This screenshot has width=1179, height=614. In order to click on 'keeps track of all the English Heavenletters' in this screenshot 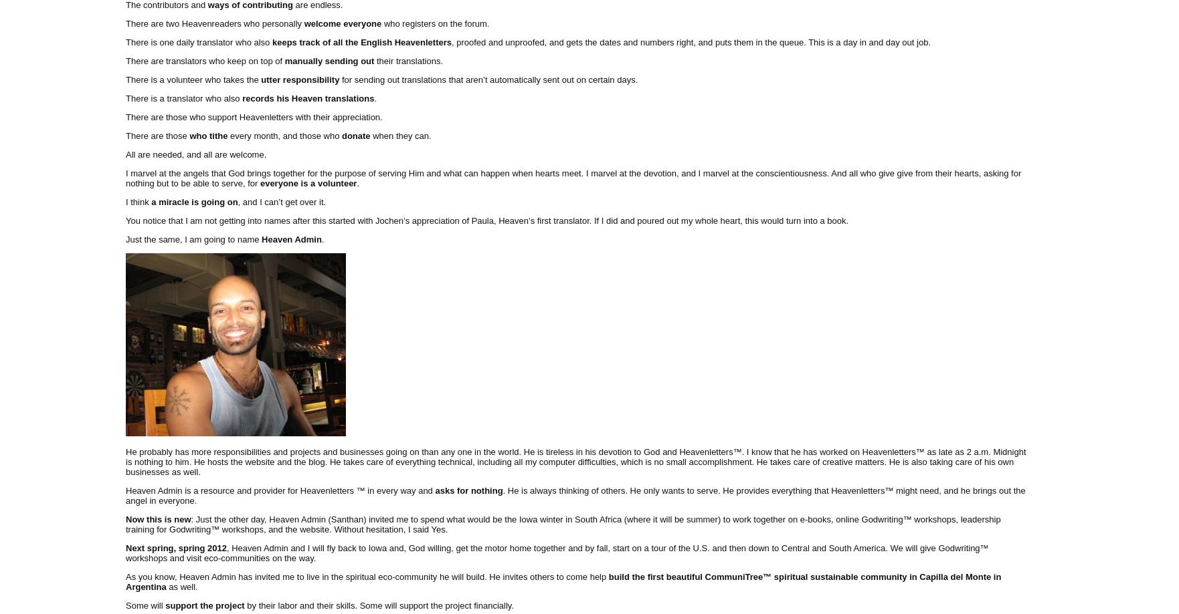, I will do `click(361, 41)`.